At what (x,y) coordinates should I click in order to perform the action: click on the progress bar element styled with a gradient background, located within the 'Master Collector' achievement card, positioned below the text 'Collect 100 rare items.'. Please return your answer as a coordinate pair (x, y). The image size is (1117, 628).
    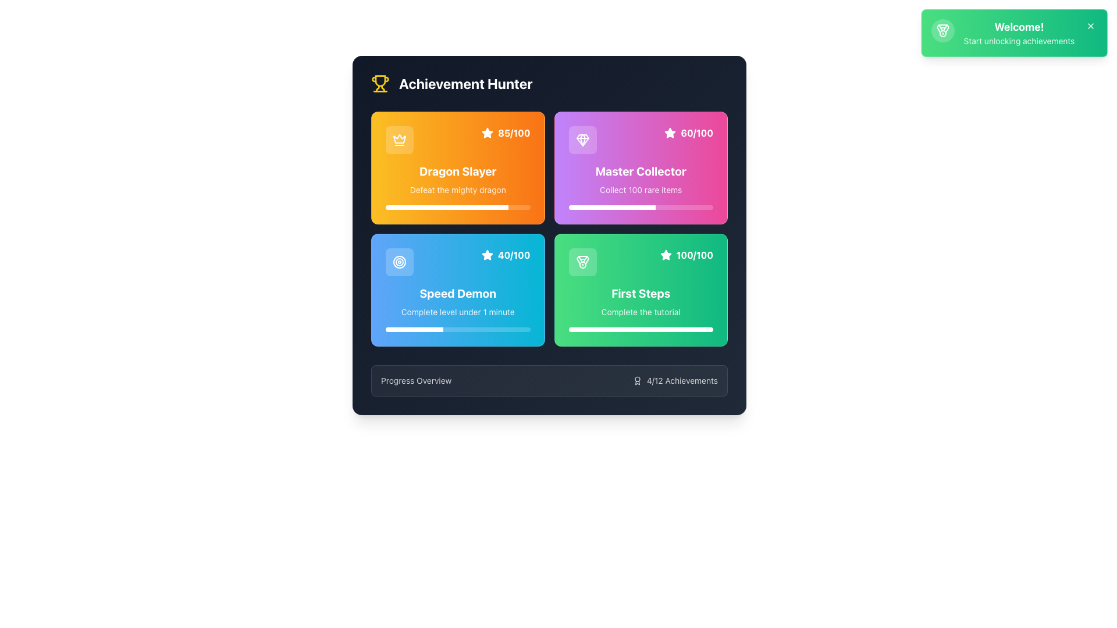
    Looking at the image, I should click on (640, 207).